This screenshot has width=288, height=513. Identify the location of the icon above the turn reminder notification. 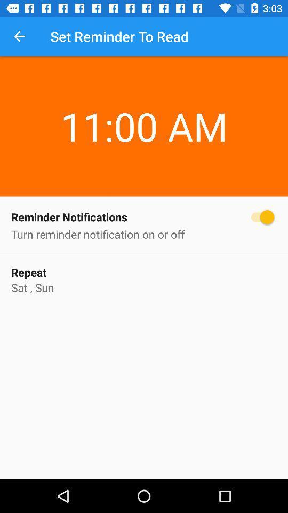
(144, 216).